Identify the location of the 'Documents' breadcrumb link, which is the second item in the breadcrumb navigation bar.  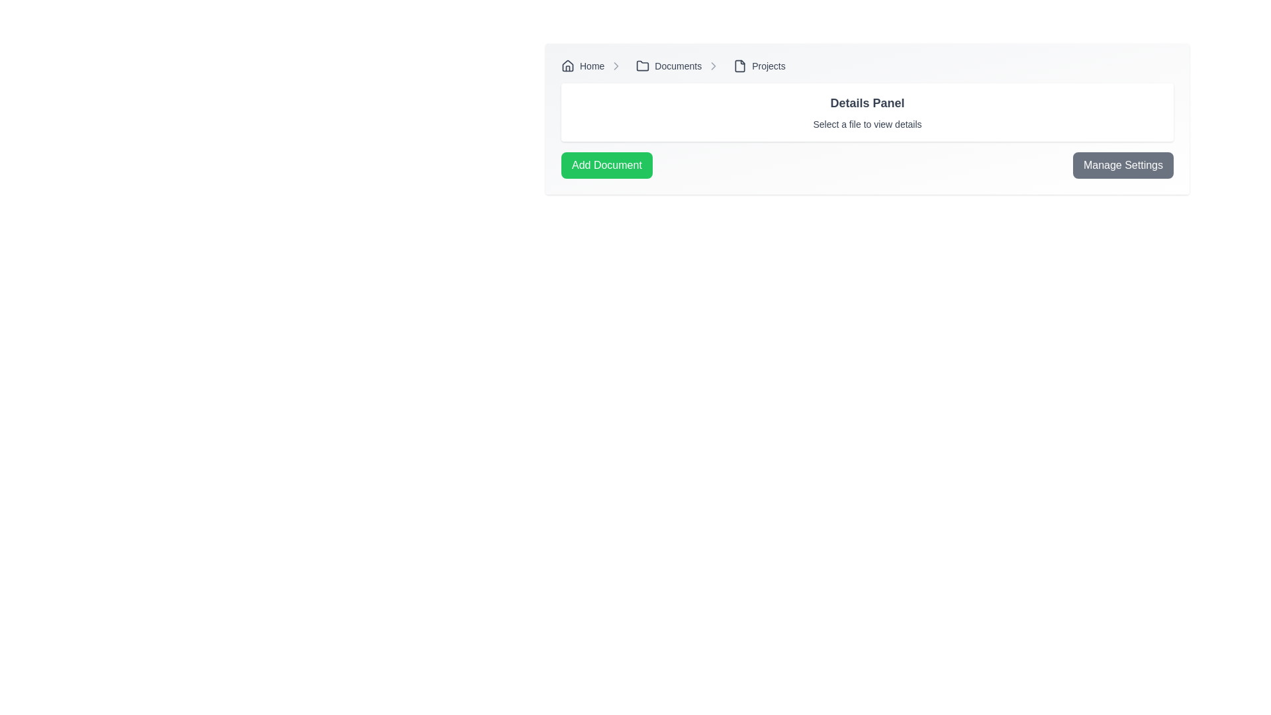
(669, 66).